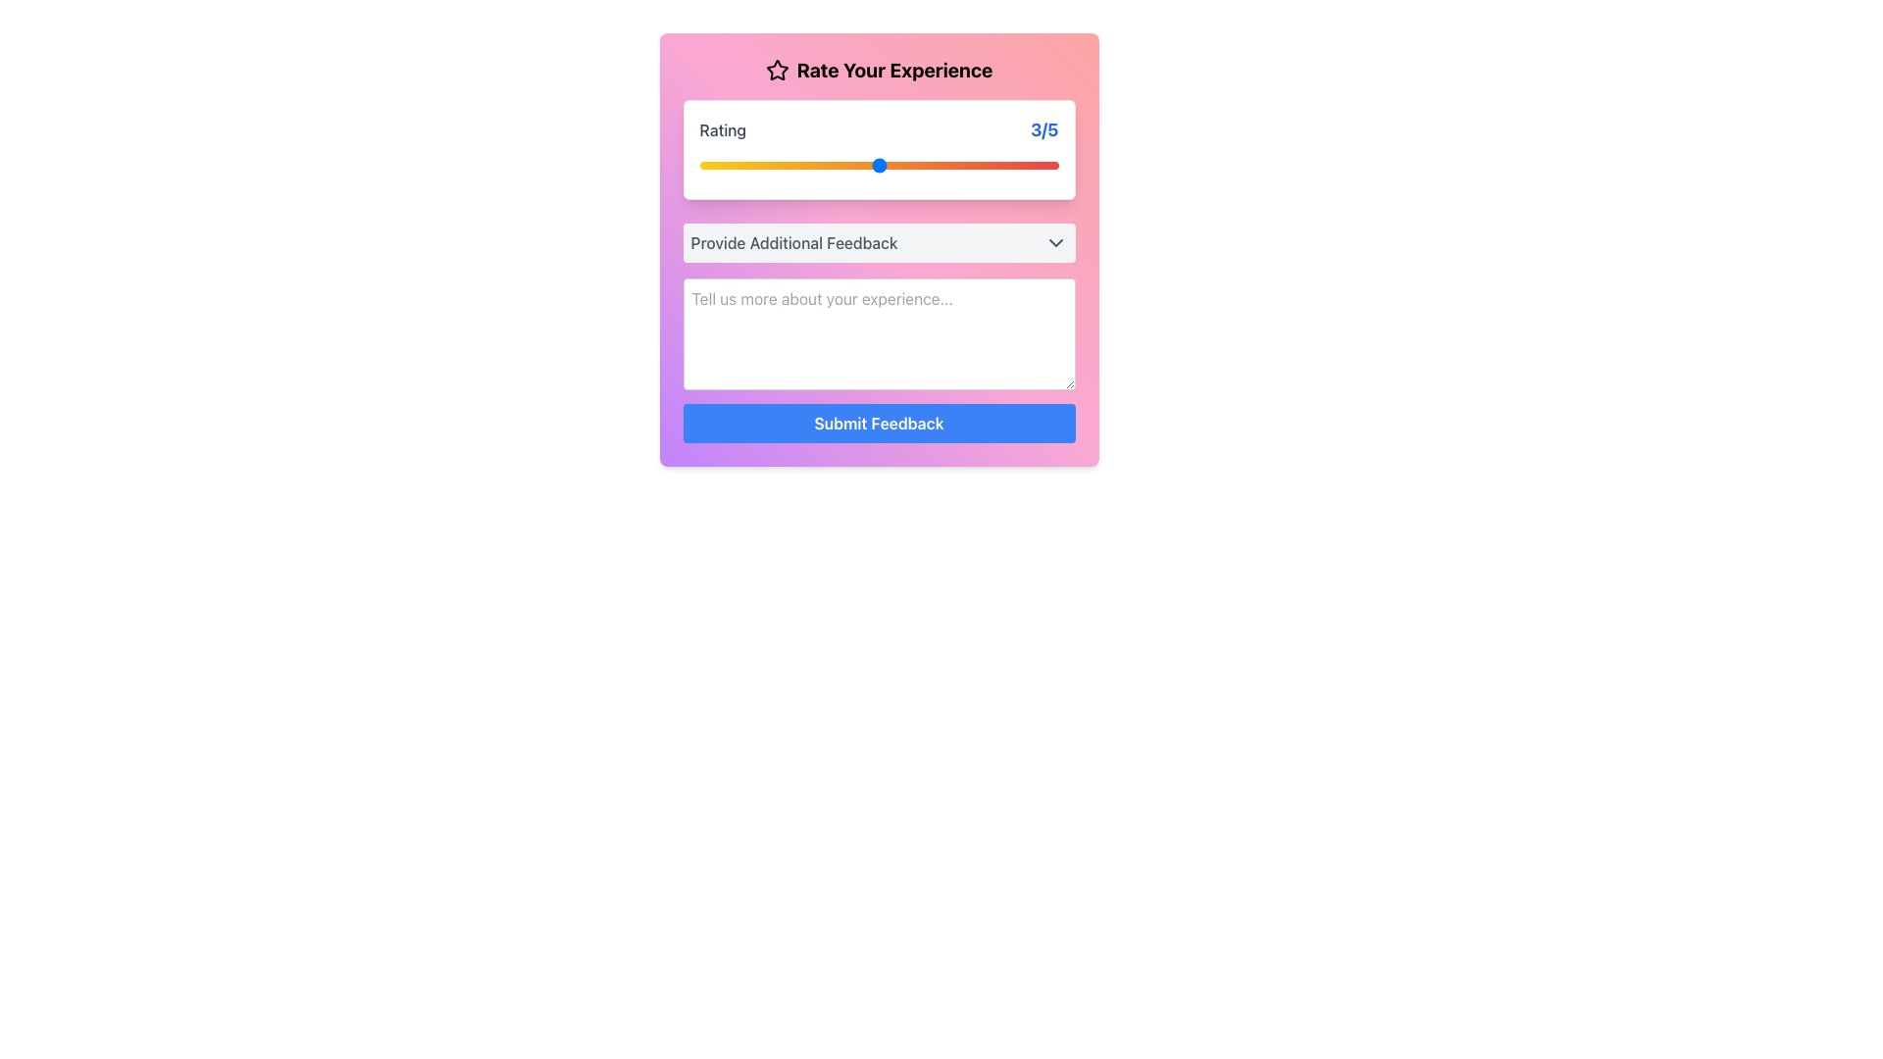 This screenshot has width=1883, height=1059. What do you see at coordinates (776, 69) in the screenshot?
I see `the decorative Icon or SVG graphic located in the top section of the card-like widget, adjacent to the title text 'Rate Your Experience'` at bounding box center [776, 69].